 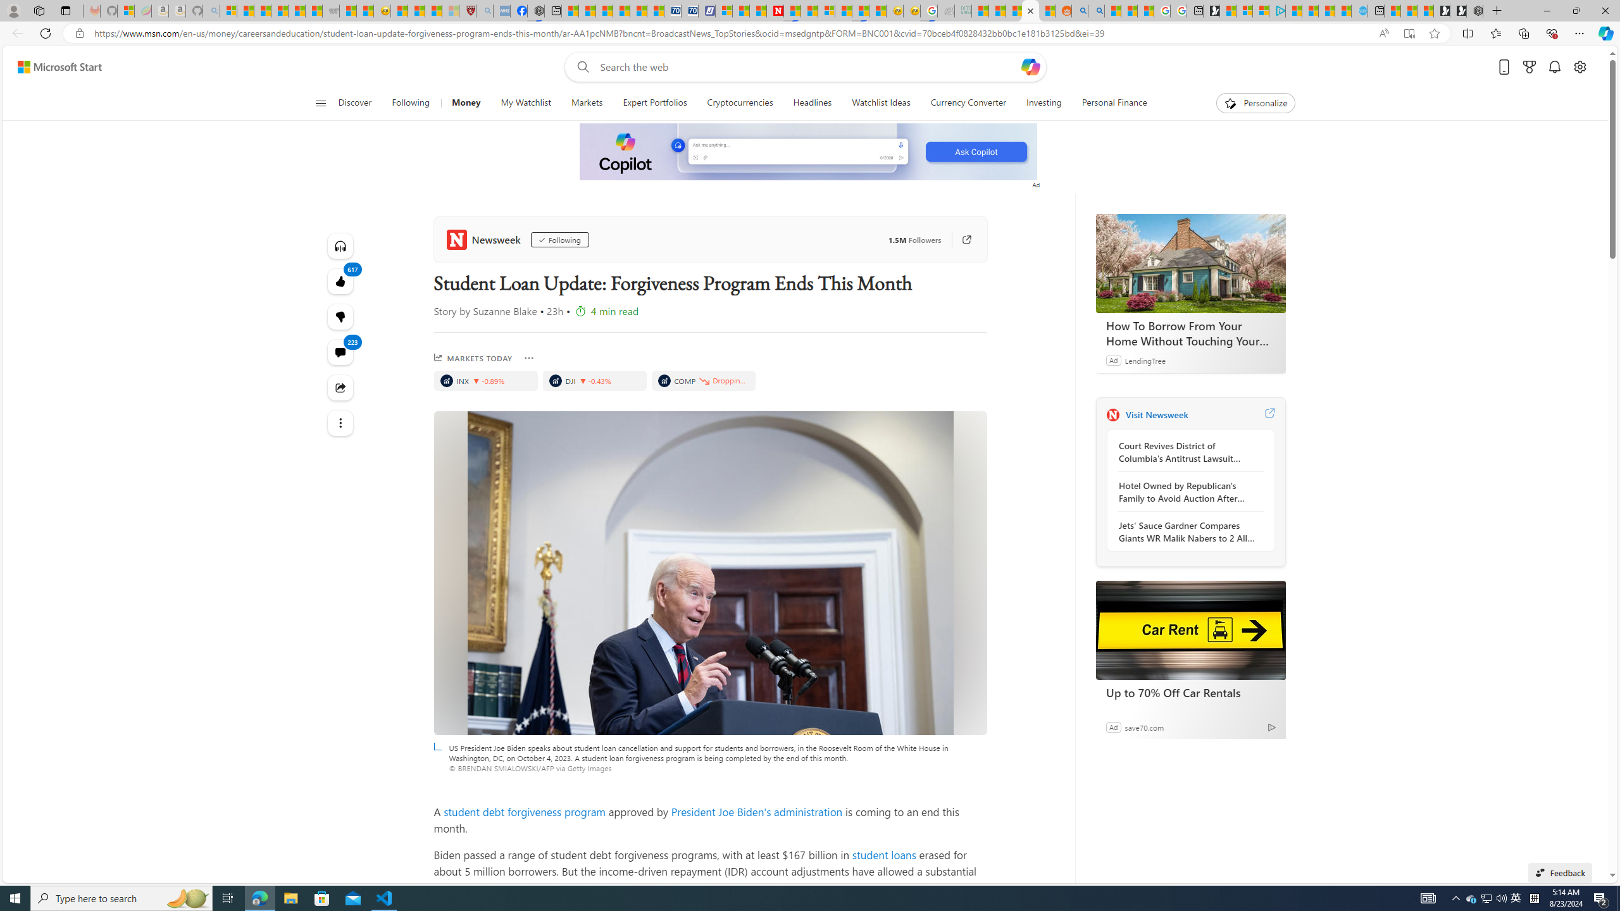 What do you see at coordinates (340, 317) in the screenshot?
I see `'617'` at bounding box center [340, 317].